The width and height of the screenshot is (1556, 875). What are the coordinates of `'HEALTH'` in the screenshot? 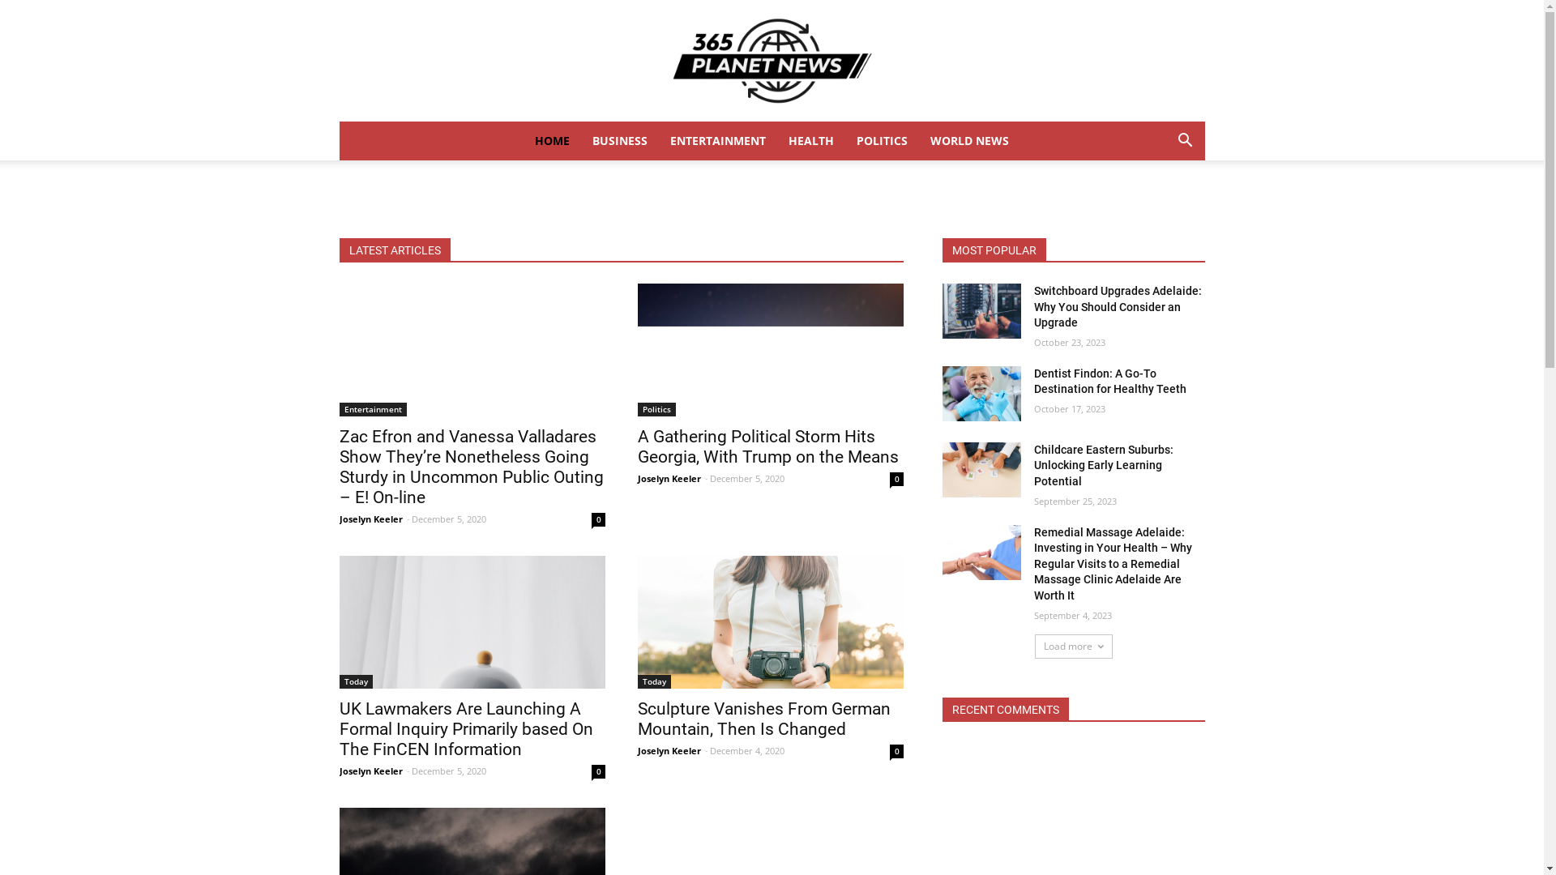 It's located at (811, 139).